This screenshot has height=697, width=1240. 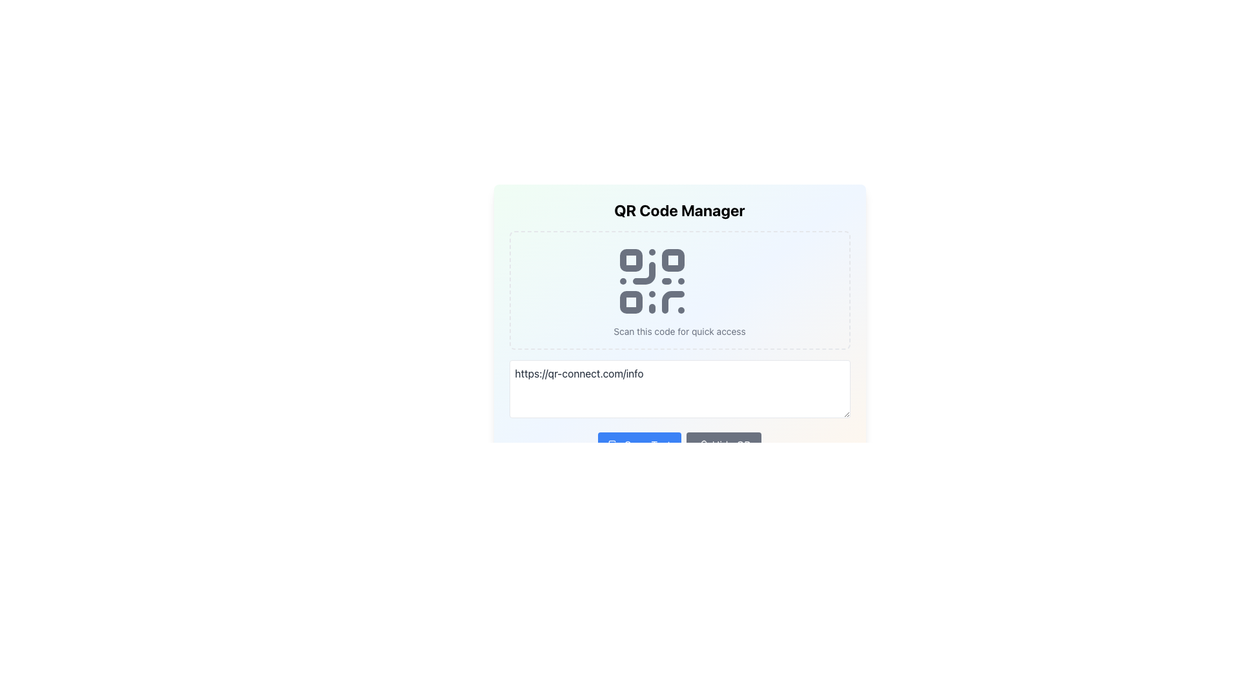 I want to click on the button that hides the QR code, located to the right of the 'Copy Text' button at the bottom-right corner of the interface, so click(x=723, y=445).